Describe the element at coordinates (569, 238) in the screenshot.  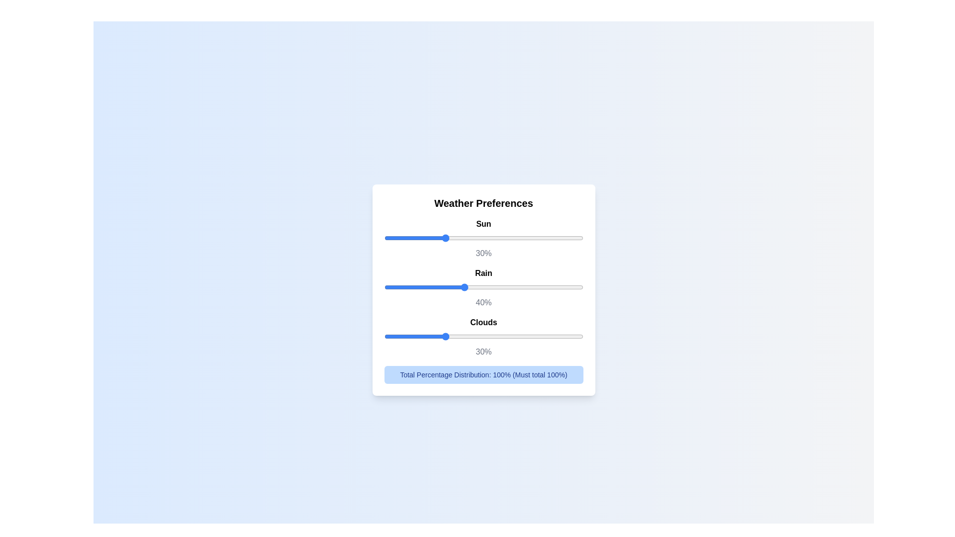
I see `the slider for 0 to set the percentage to 43` at that location.